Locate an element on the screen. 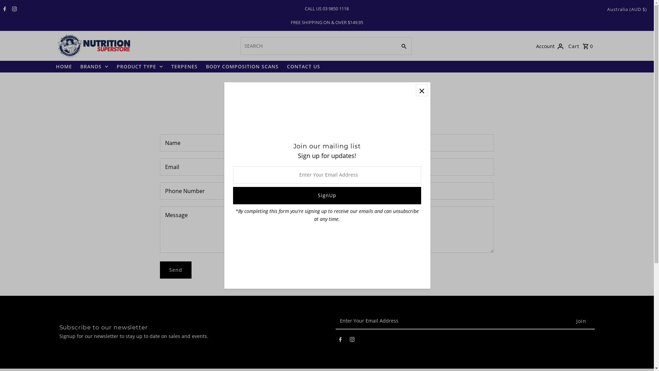 This screenshot has height=371, width=659. 'CONTACT US' is located at coordinates (303, 66).